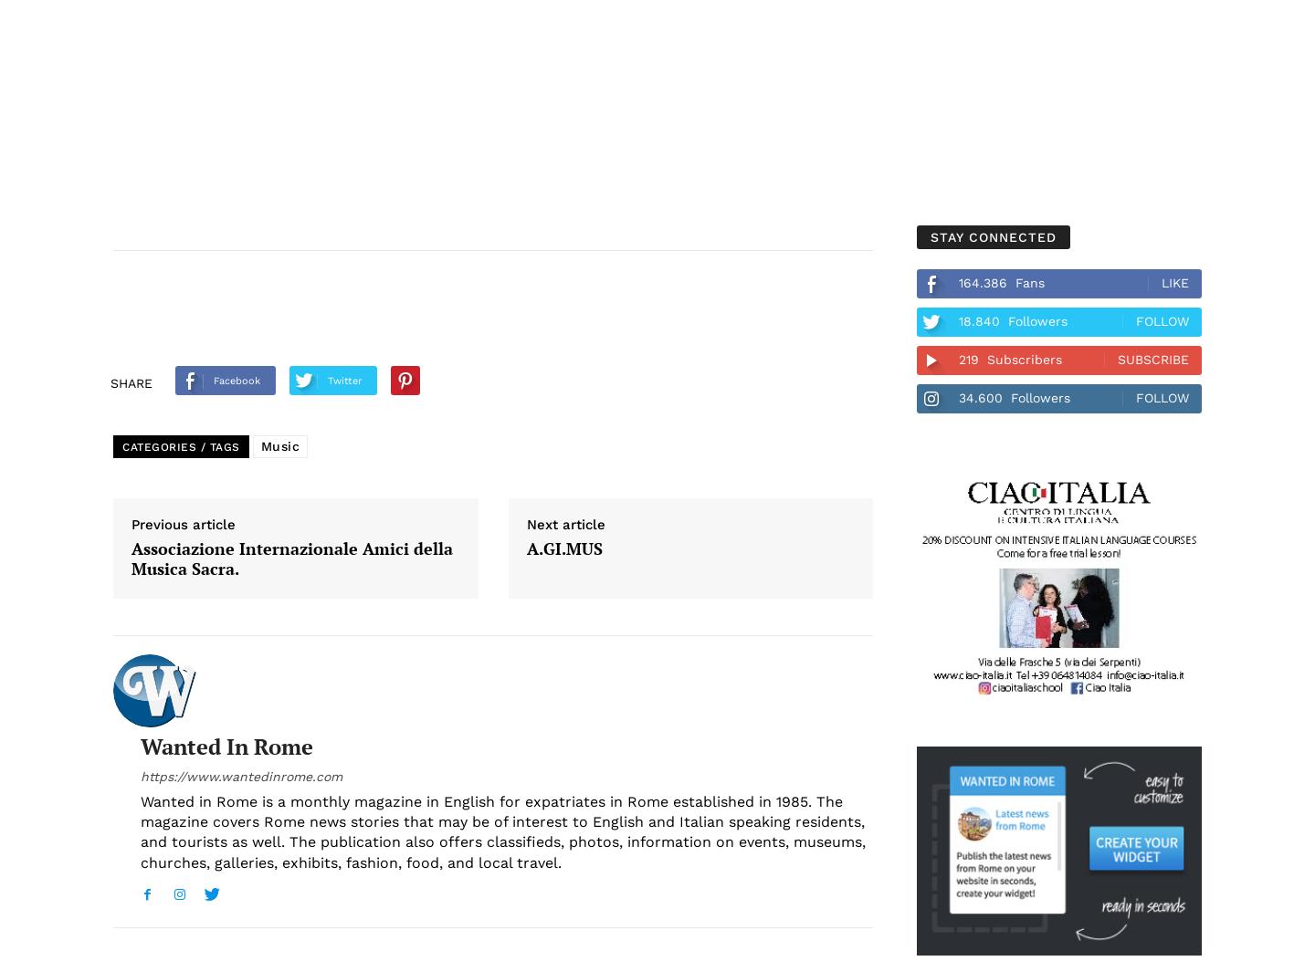  Describe the element at coordinates (959, 281) in the screenshot. I see `'164.386'` at that location.